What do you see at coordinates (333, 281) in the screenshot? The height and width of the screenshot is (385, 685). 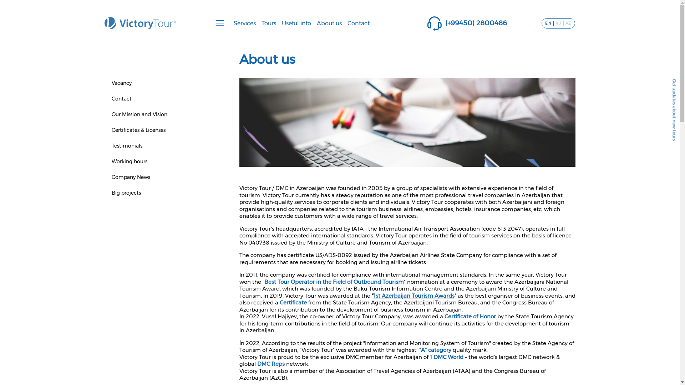 I see `'Best Tour Operator in the Field of Outbound Tourism'` at bounding box center [333, 281].